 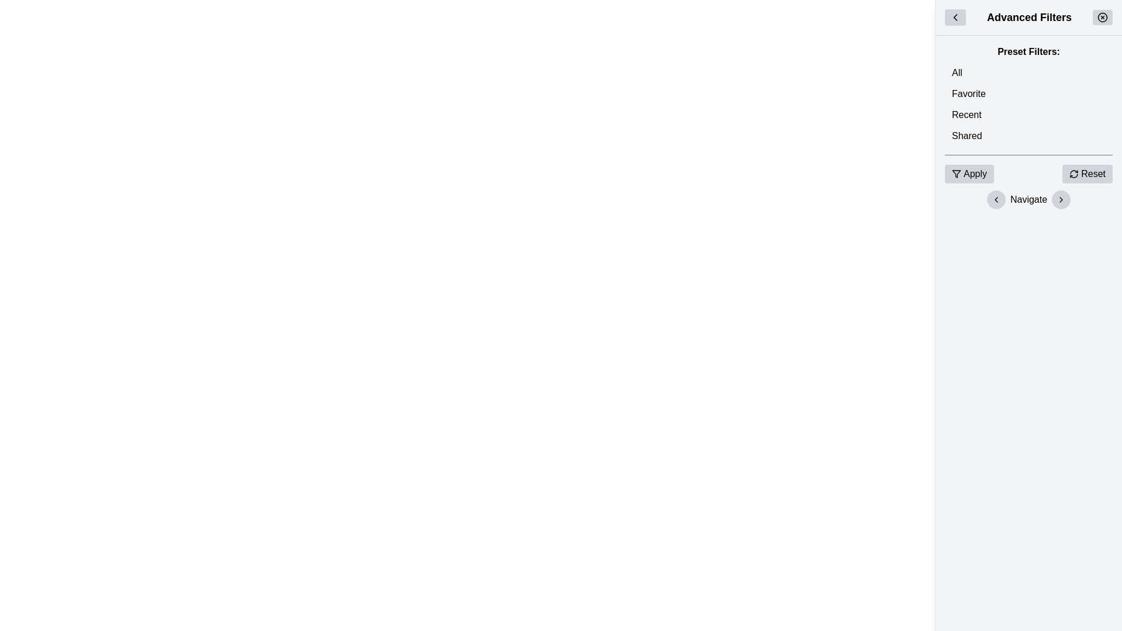 I want to click on the filter icon located to the left of the 'Apply' button, which indicates the presence of a filter option, so click(x=956, y=174).